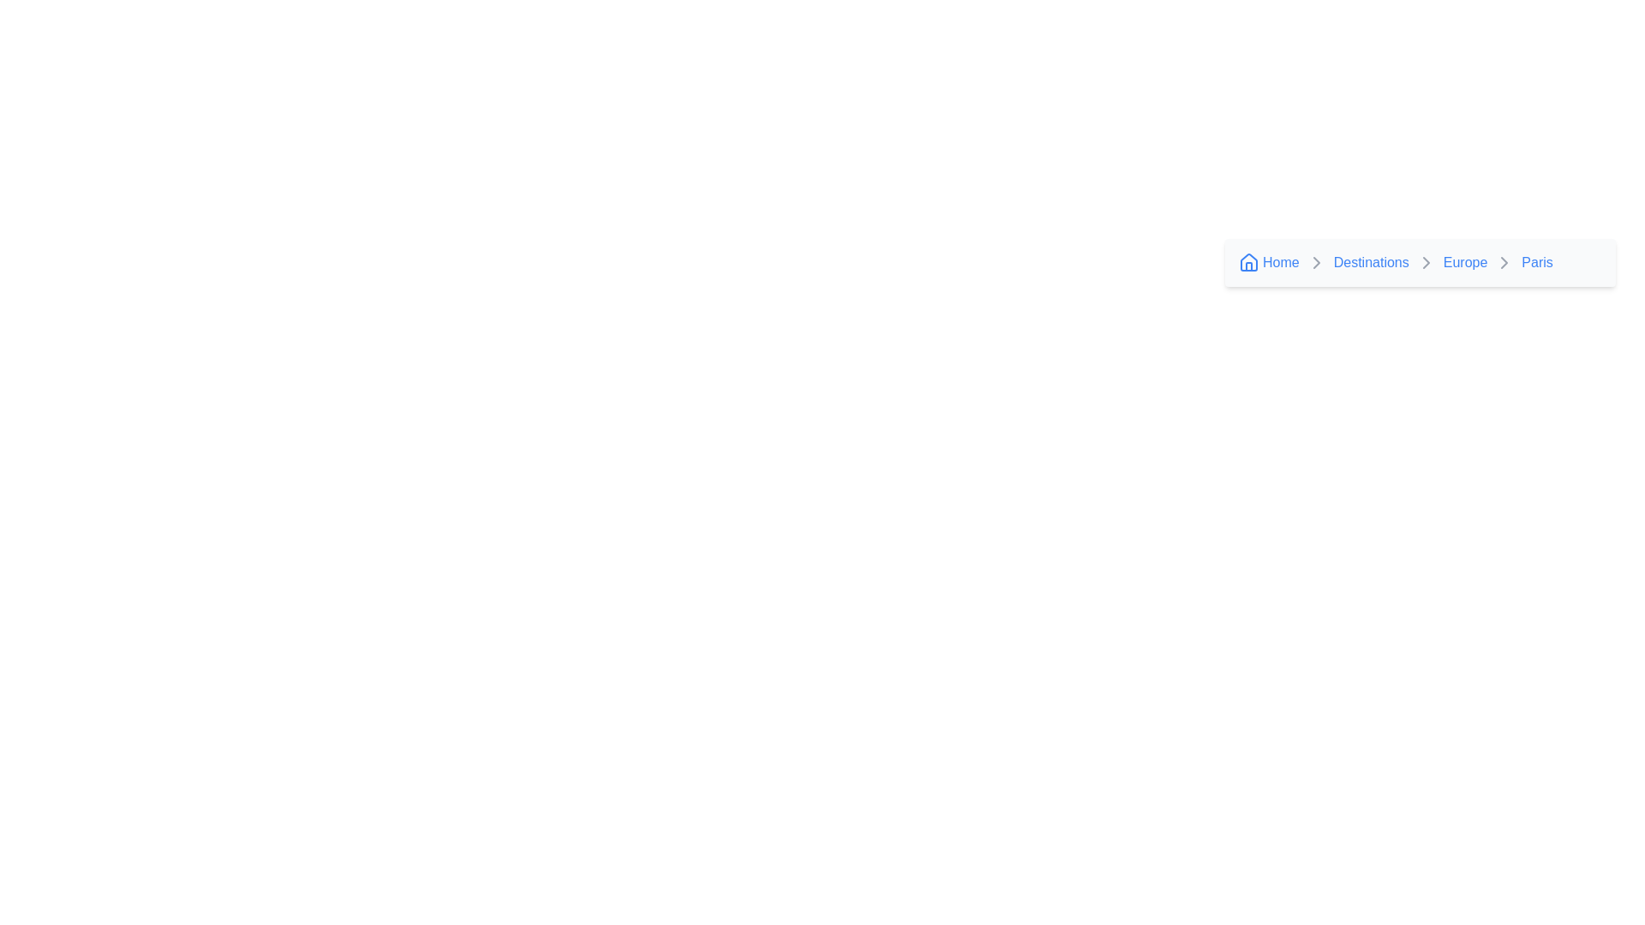 This screenshot has width=1645, height=925. I want to click on the Icon (Chevron) in the breadcrumb navigation, which visually separates the 'Destinations' link and 'Europe' breadcrumb item, so click(1426, 263).